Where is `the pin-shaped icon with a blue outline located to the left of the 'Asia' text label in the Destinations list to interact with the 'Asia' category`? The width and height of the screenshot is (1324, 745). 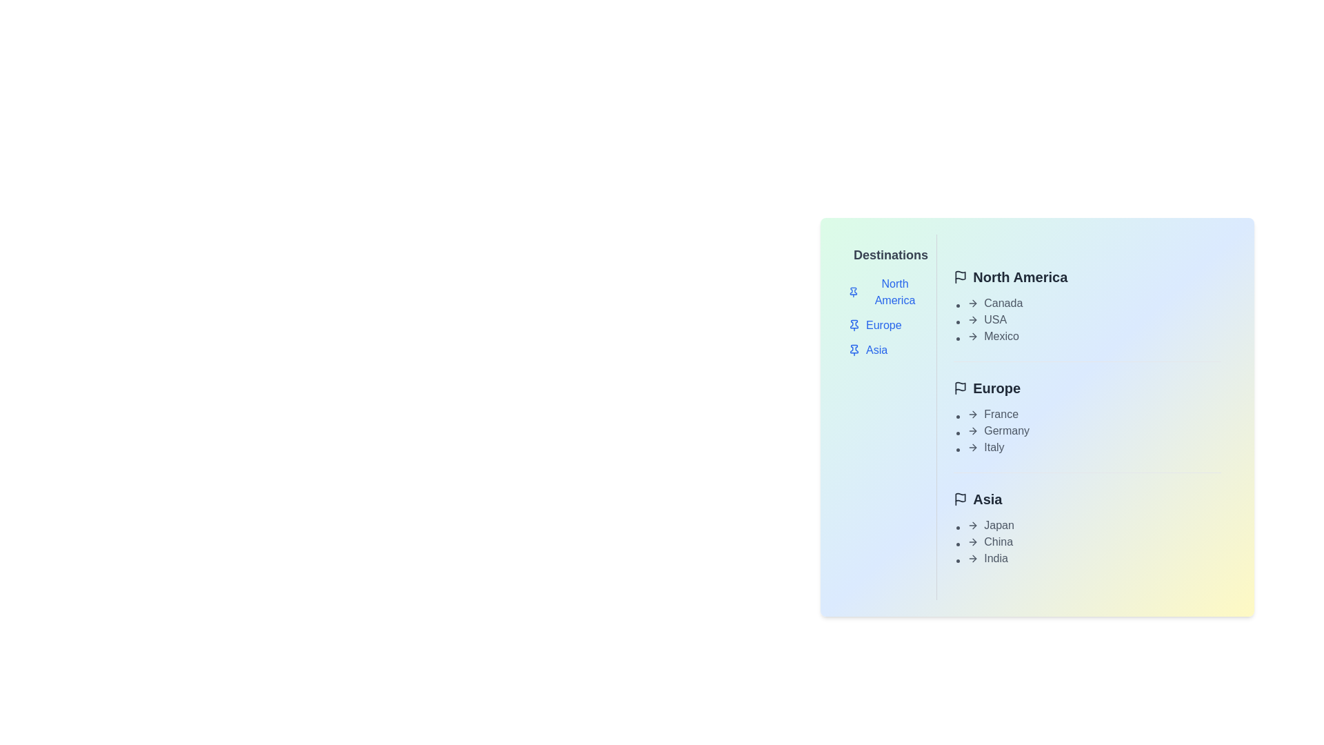
the pin-shaped icon with a blue outline located to the left of the 'Asia' text label in the Destinations list to interact with the 'Asia' category is located at coordinates (853, 350).